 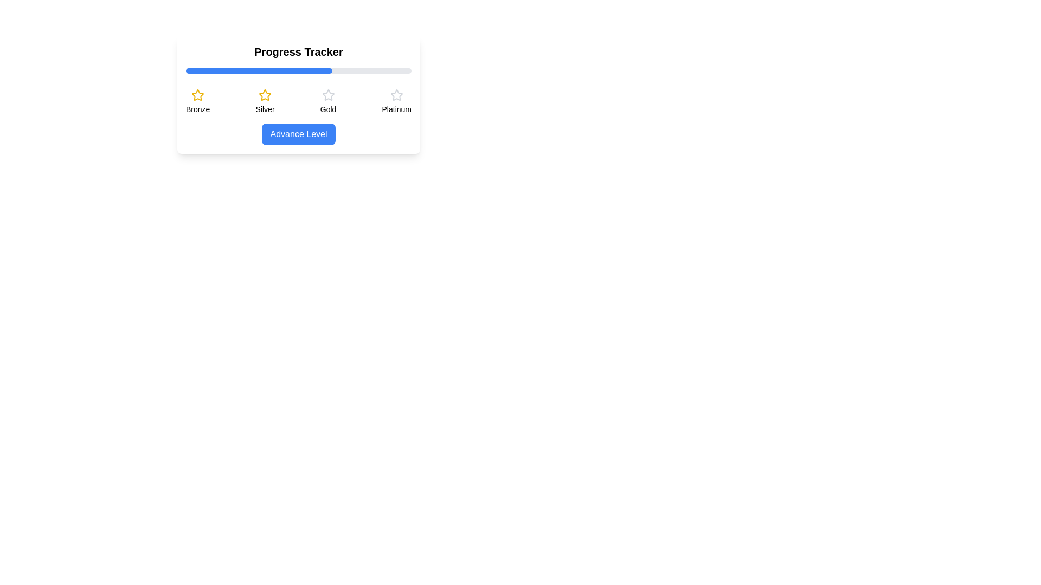 I want to click on the 'Silver' level informational display item, which is the second from the left in a group of four items below the progress indicator bar, so click(x=265, y=100).